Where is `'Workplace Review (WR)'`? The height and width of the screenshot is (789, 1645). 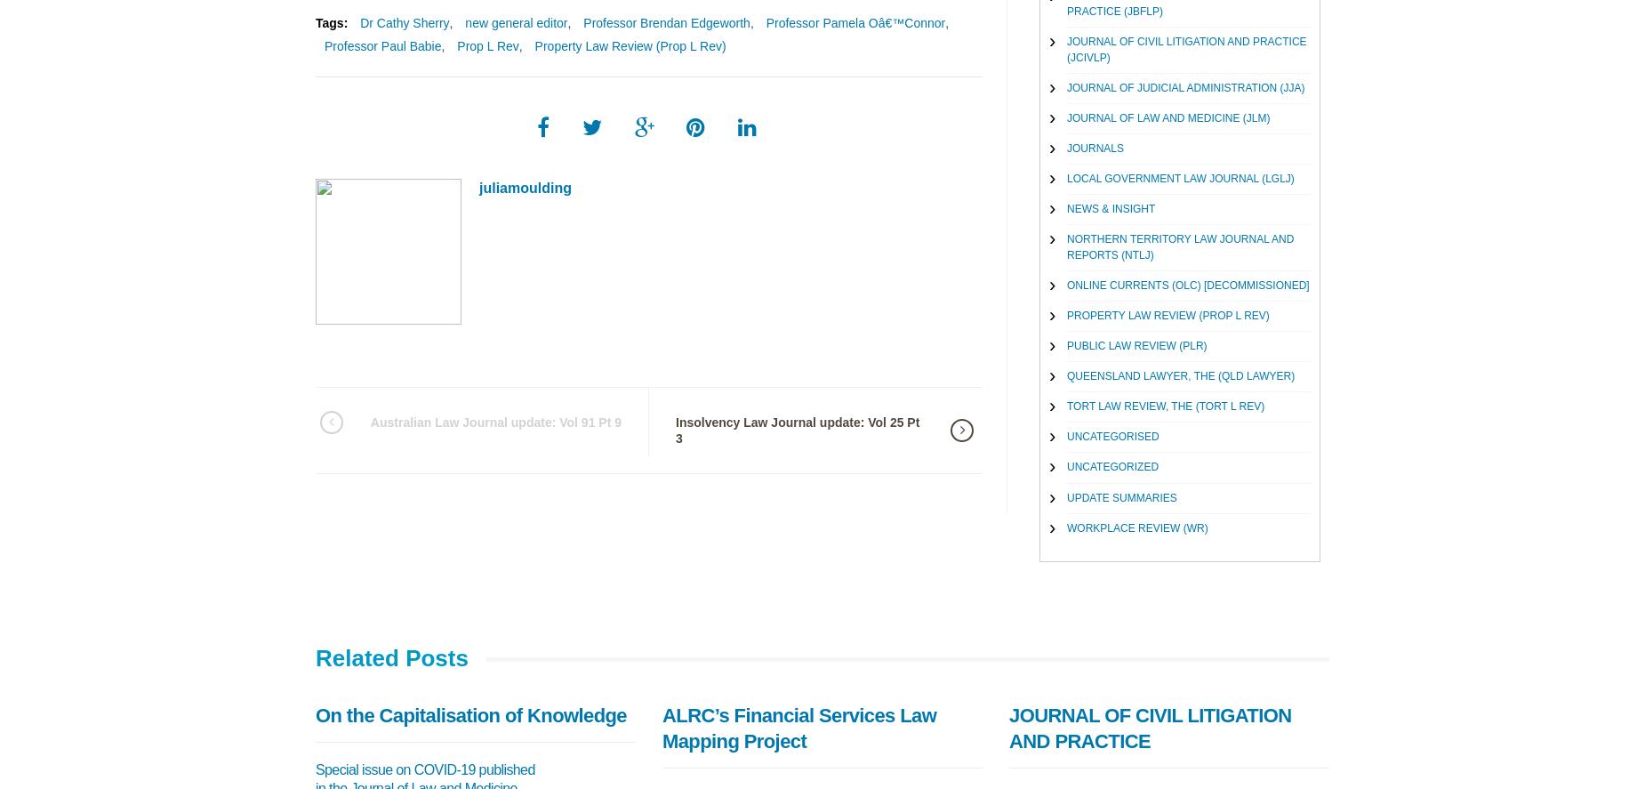 'Workplace Review (WR)' is located at coordinates (1136, 527).